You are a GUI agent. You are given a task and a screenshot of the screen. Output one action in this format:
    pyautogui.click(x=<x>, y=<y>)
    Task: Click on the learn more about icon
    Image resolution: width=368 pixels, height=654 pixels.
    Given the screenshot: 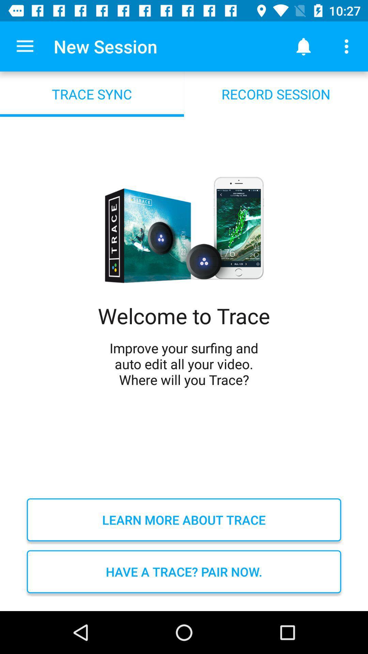 What is the action you would take?
    pyautogui.click(x=184, y=519)
    